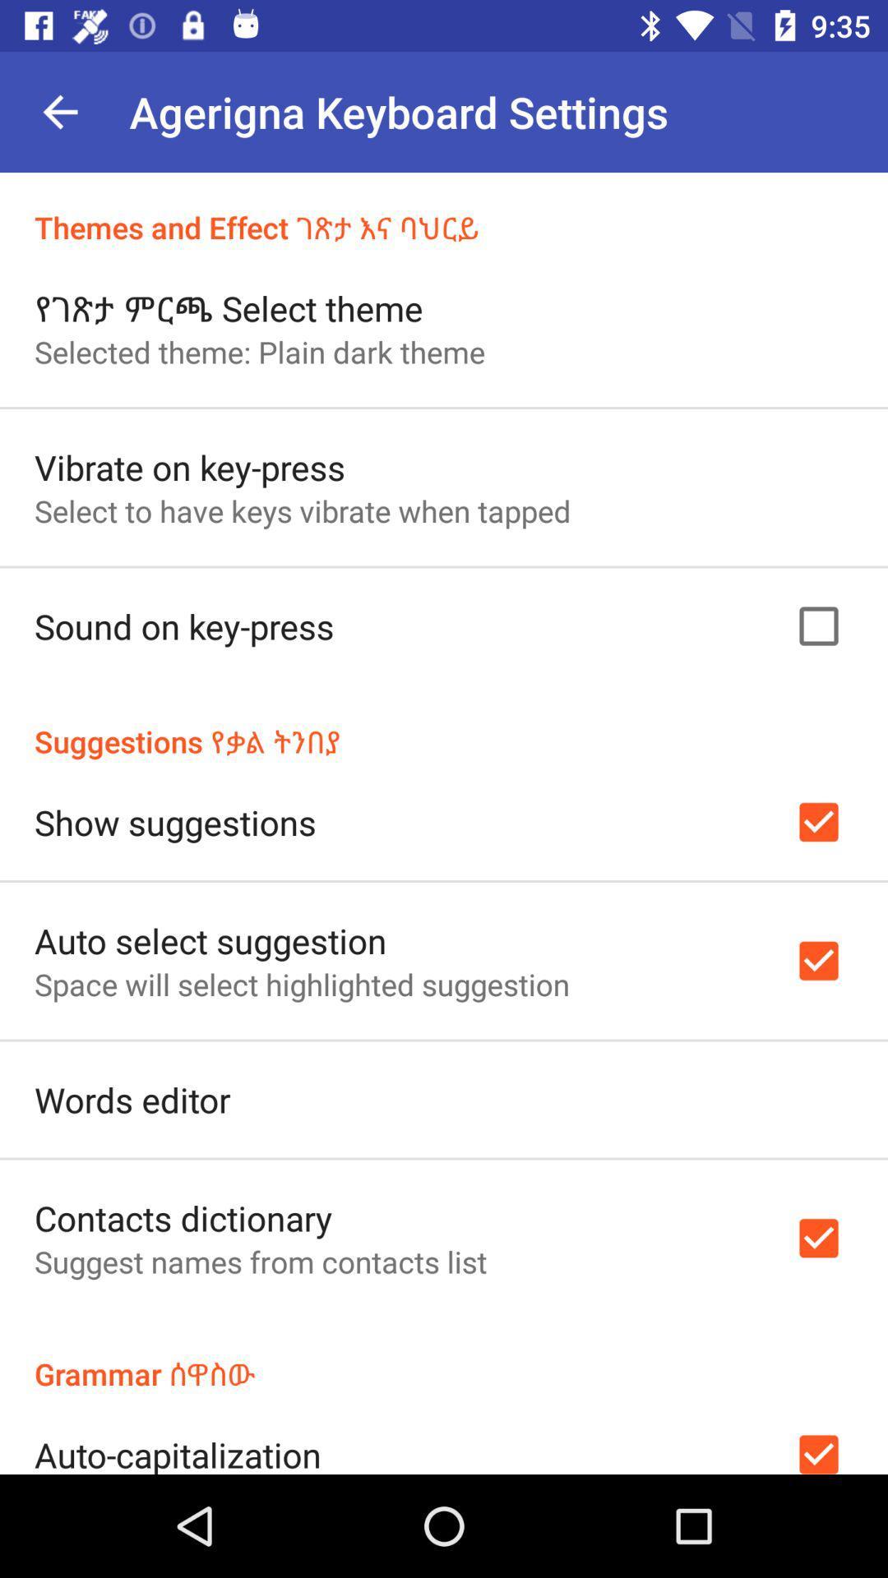 The height and width of the screenshot is (1578, 888). What do you see at coordinates (302, 984) in the screenshot?
I see `item below the auto select suggestion icon` at bounding box center [302, 984].